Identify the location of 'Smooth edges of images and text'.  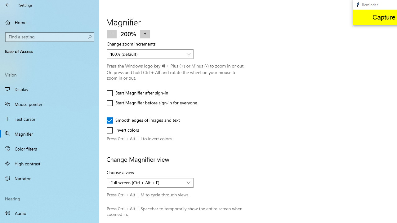
(143, 120).